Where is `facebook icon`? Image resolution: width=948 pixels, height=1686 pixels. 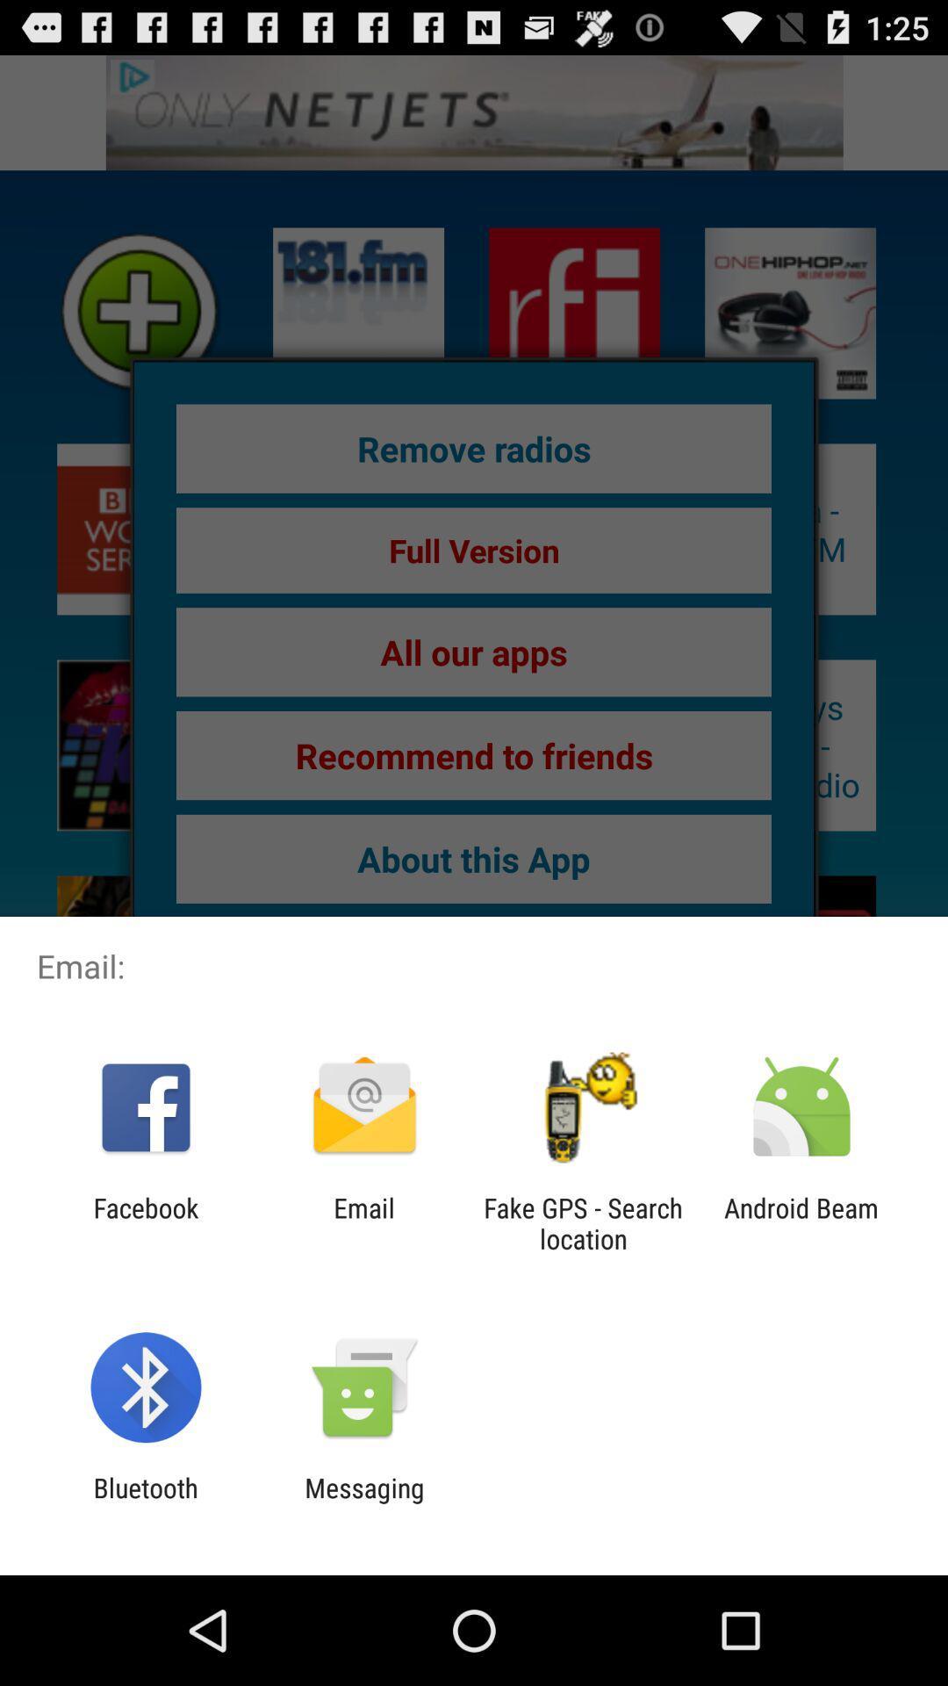
facebook icon is located at coordinates (145, 1222).